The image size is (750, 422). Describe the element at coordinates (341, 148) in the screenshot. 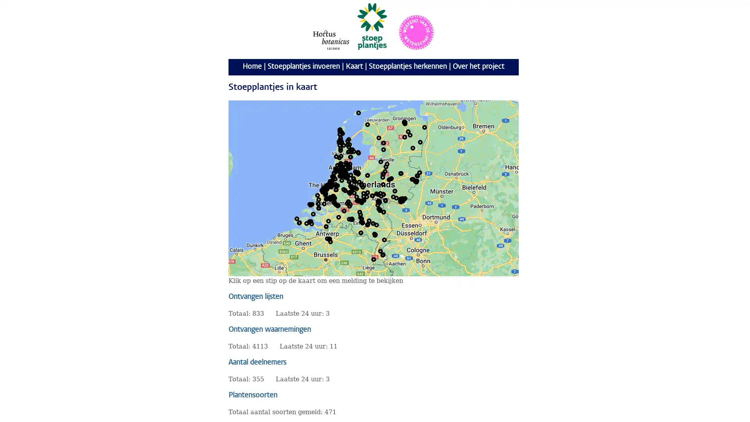

I see `Telling van op 14 maart 2022` at that location.